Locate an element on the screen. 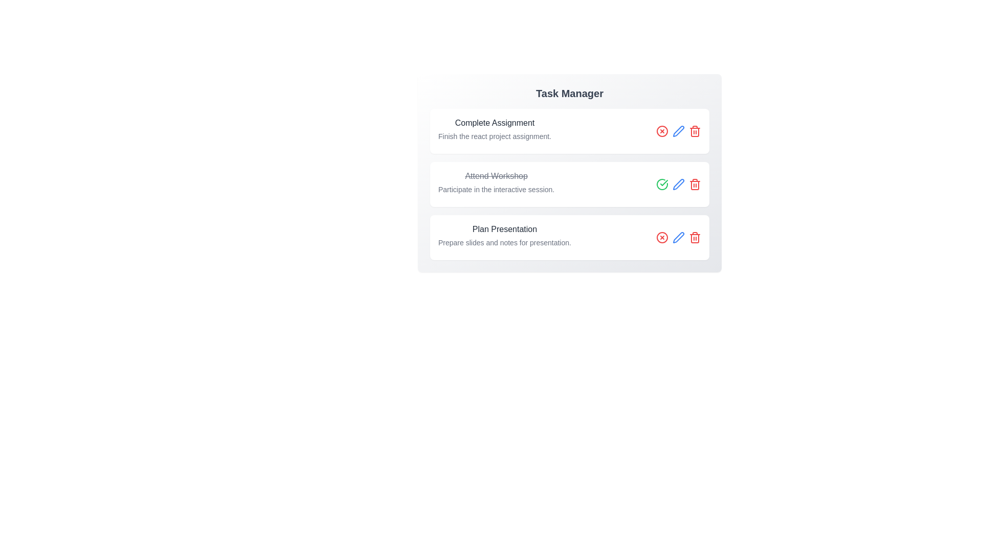 The width and height of the screenshot is (982, 552). the edit button for the task titled 'Attend Workshop' is located at coordinates (678, 185).